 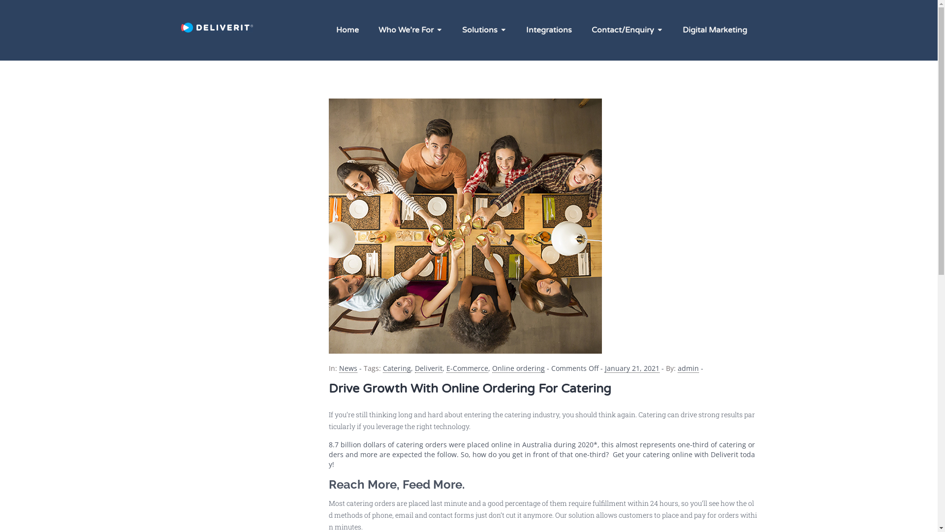 What do you see at coordinates (518, 368) in the screenshot?
I see `'Online ordering'` at bounding box center [518, 368].